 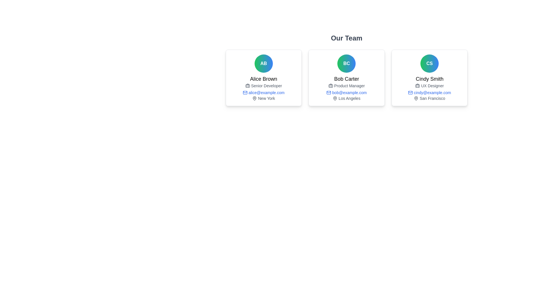 What do you see at coordinates (346, 78) in the screenshot?
I see `an individual profile card in the Grid Layout showcasing team members' profiles, positioned below the 'Our Team' text` at bounding box center [346, 78].